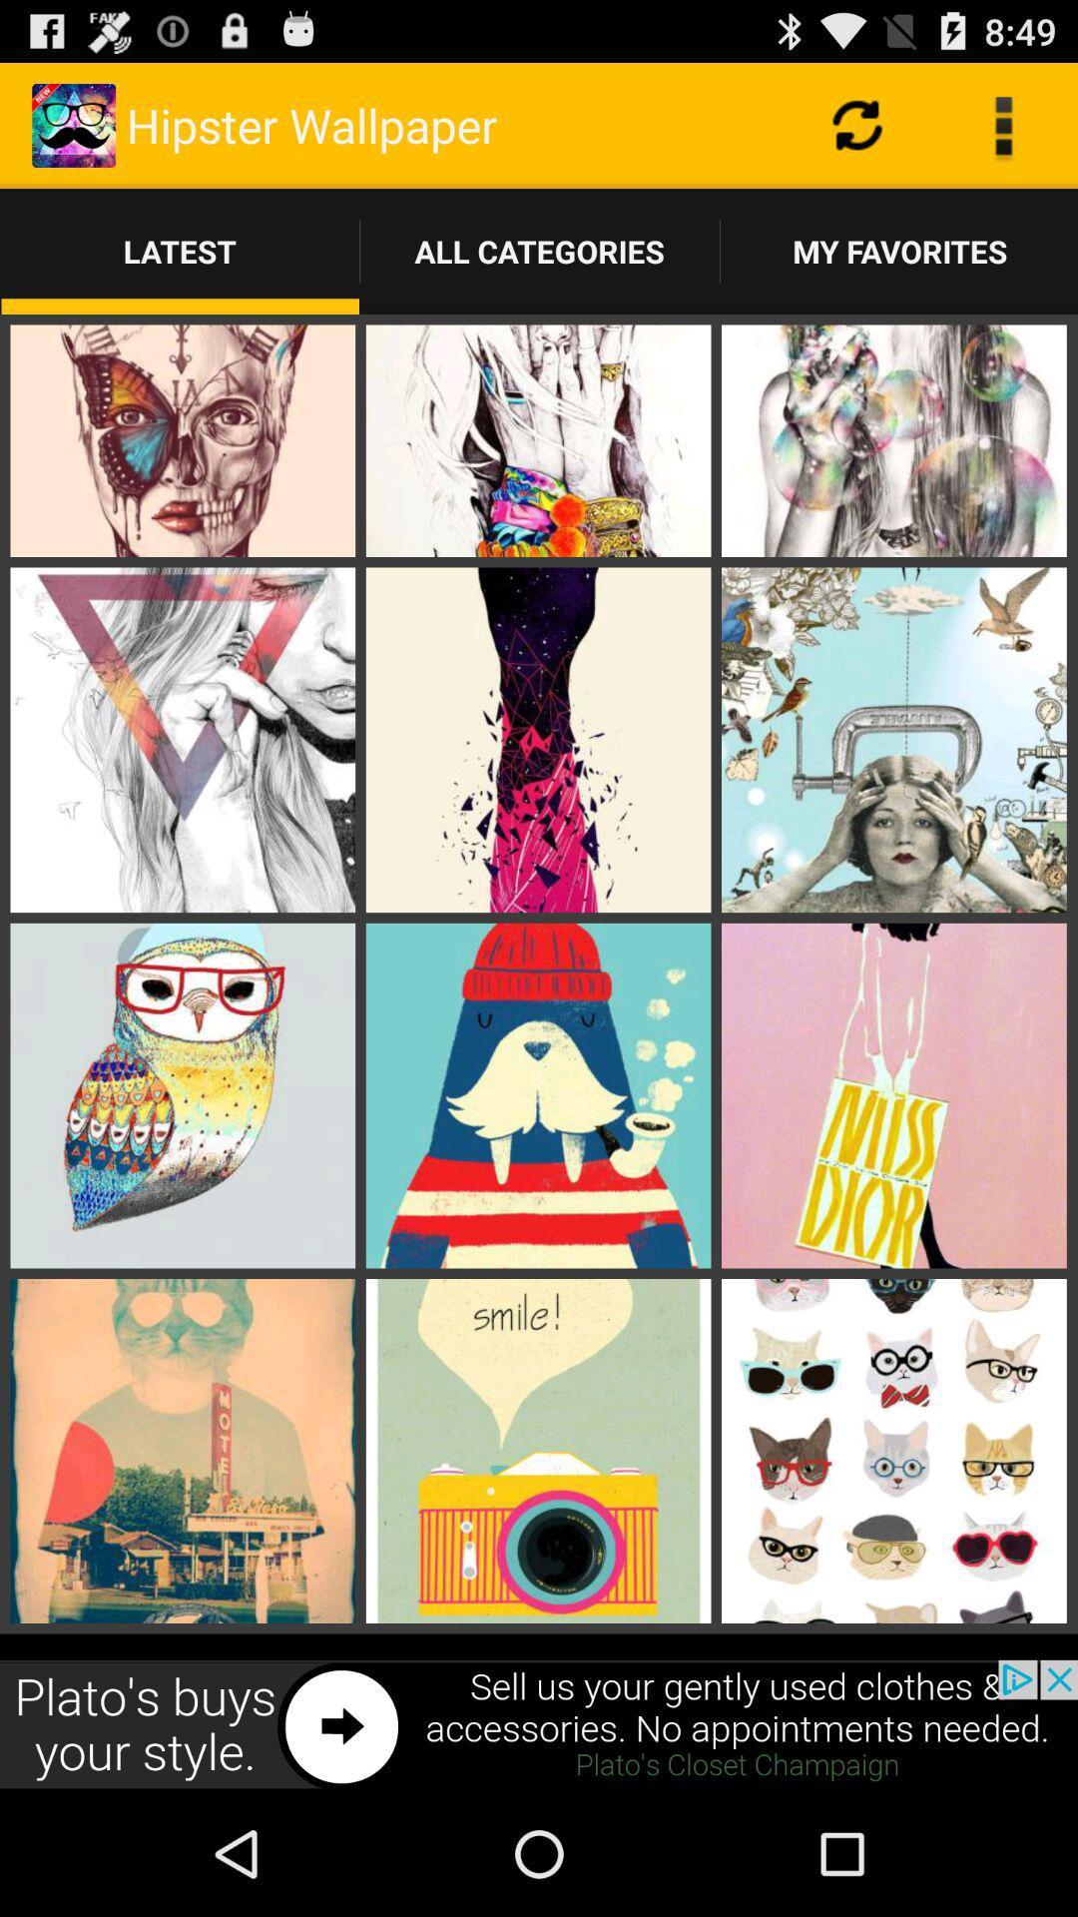  Describe the element at coordinates (539, 1724) in the screenshot. I see `advertisement we close it or view it` at that location.